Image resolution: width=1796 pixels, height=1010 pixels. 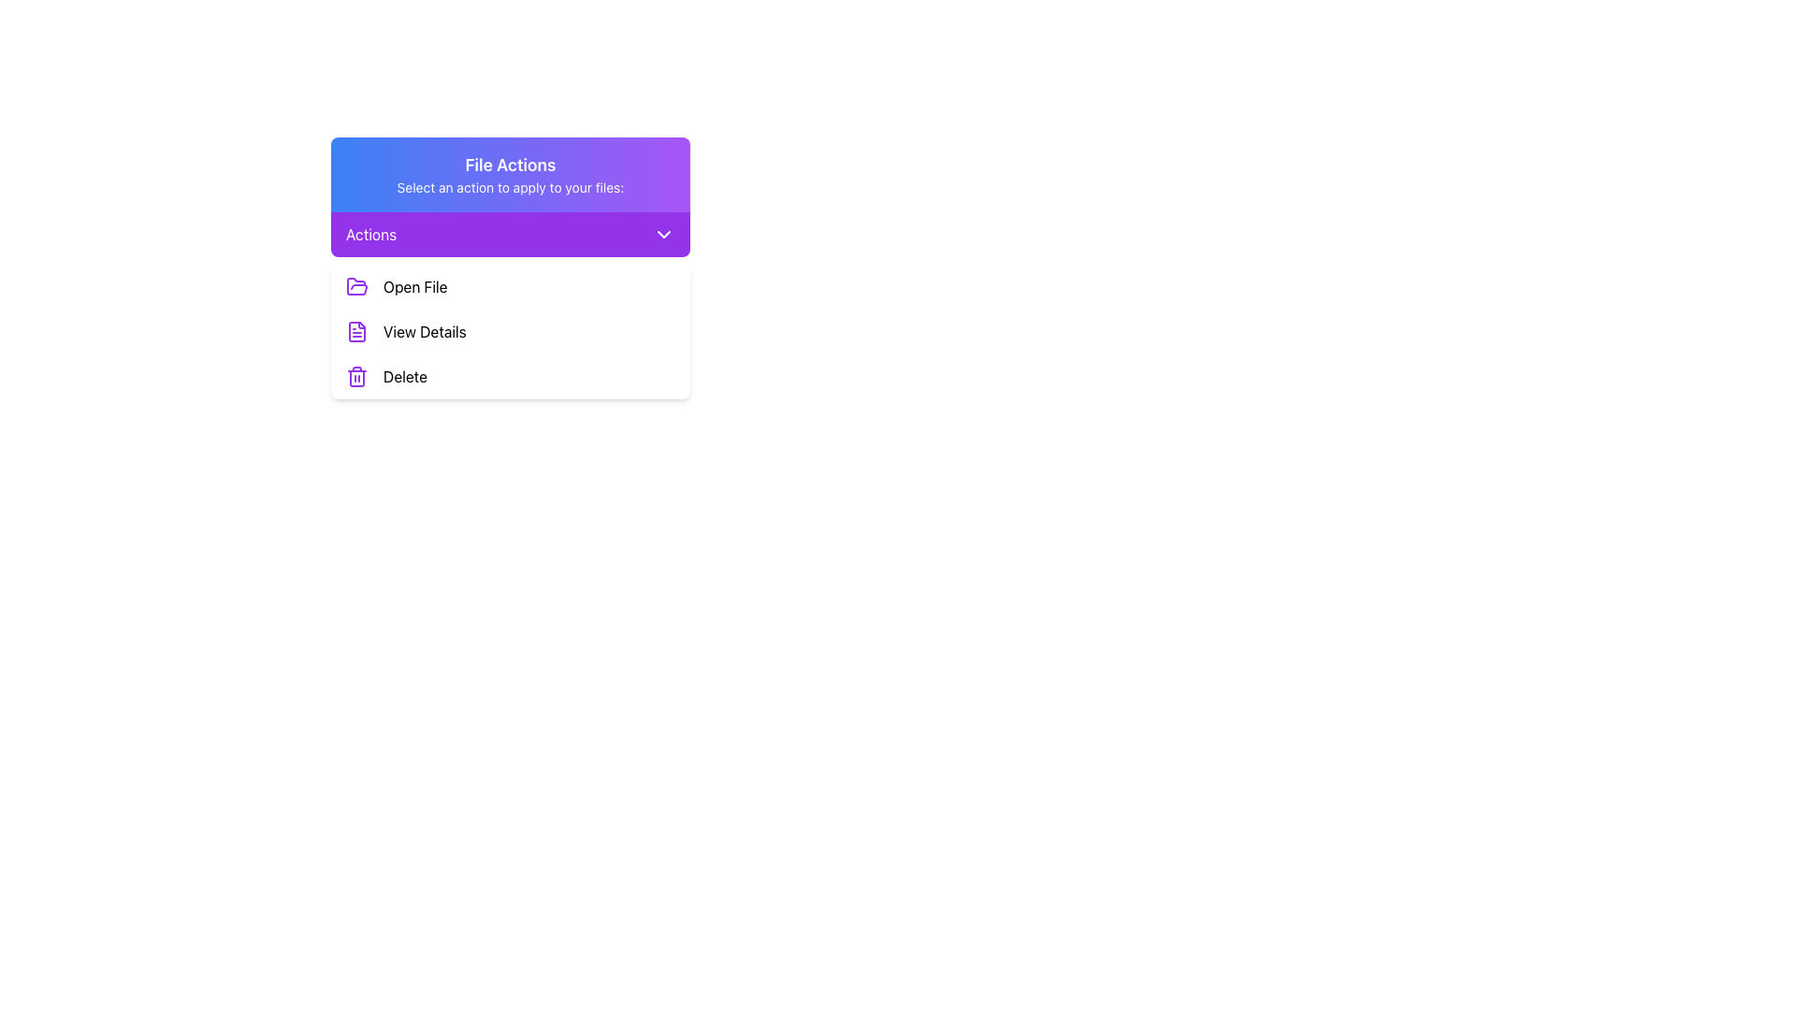 I want to click on the purple trash bin icon located to the left of the 'Delete' option in the 'Actions' dropdown menu for indirect interaction, so click(x=357, y=376).